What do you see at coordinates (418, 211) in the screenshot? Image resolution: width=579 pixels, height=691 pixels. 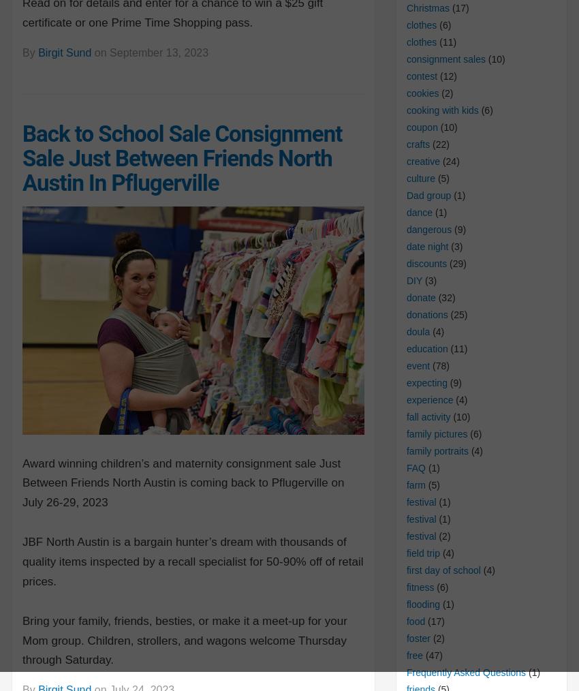 I see `'dance'` at bounding box center [418, 211].